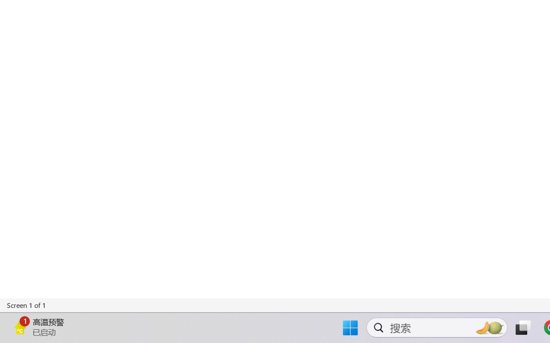  I want to click on 'Page Number Screen 1 of 1 ', so click(27, 305).